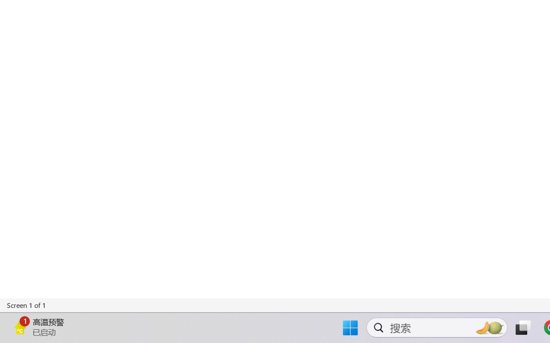  I want to click on 'Page Number Screen 1 of 1 ', so click(27, 305).